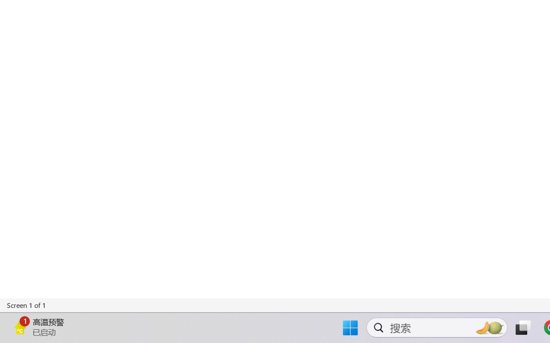  I want to click on 'Page Number Screen 1 of 1 ', so click(27, 305).